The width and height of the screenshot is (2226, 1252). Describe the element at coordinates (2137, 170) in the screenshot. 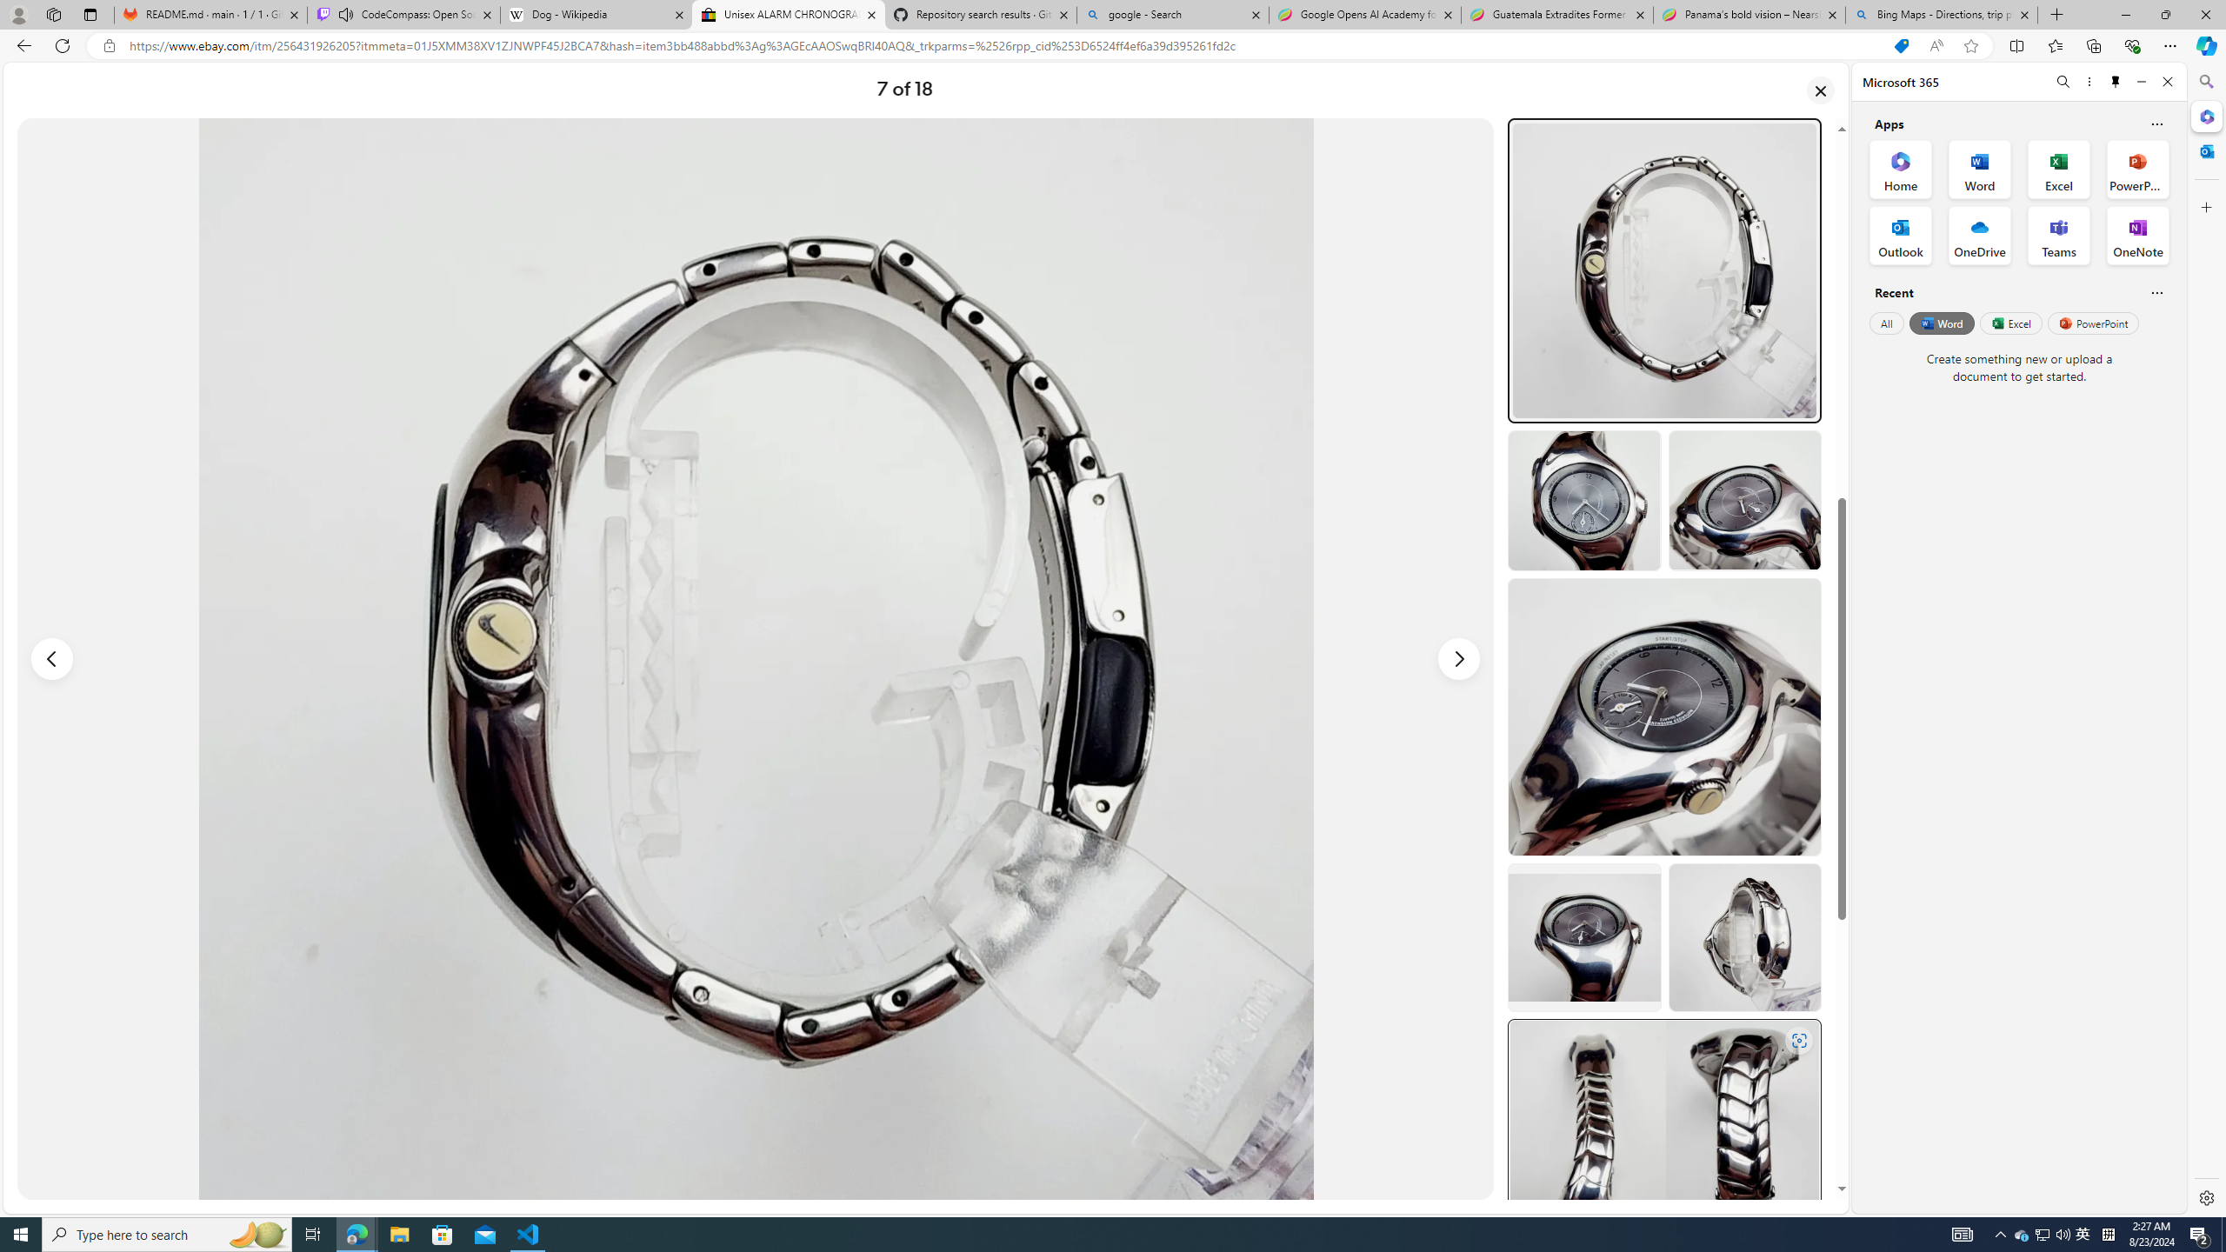

I see `'PowerPoint Office App'` at that location.